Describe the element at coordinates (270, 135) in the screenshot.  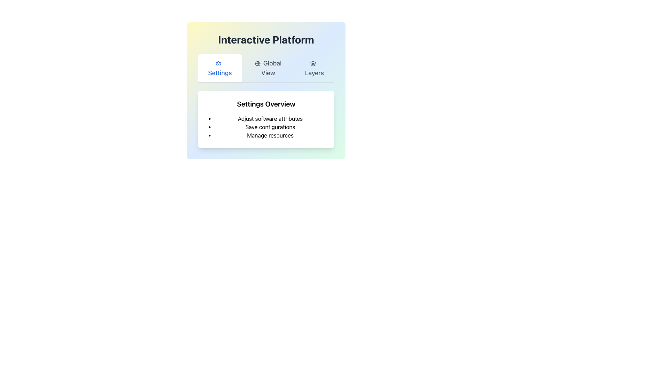
I see `the text element displaying 'Manage resources' which is the third item in a bullet-point list under 'Settings Overview'` at that location.